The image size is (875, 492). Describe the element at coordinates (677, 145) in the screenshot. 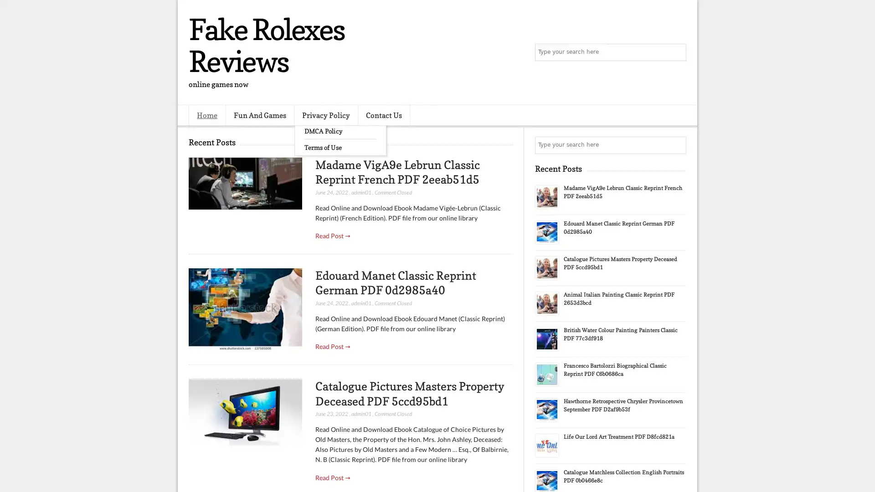

I see `Search` at that location.